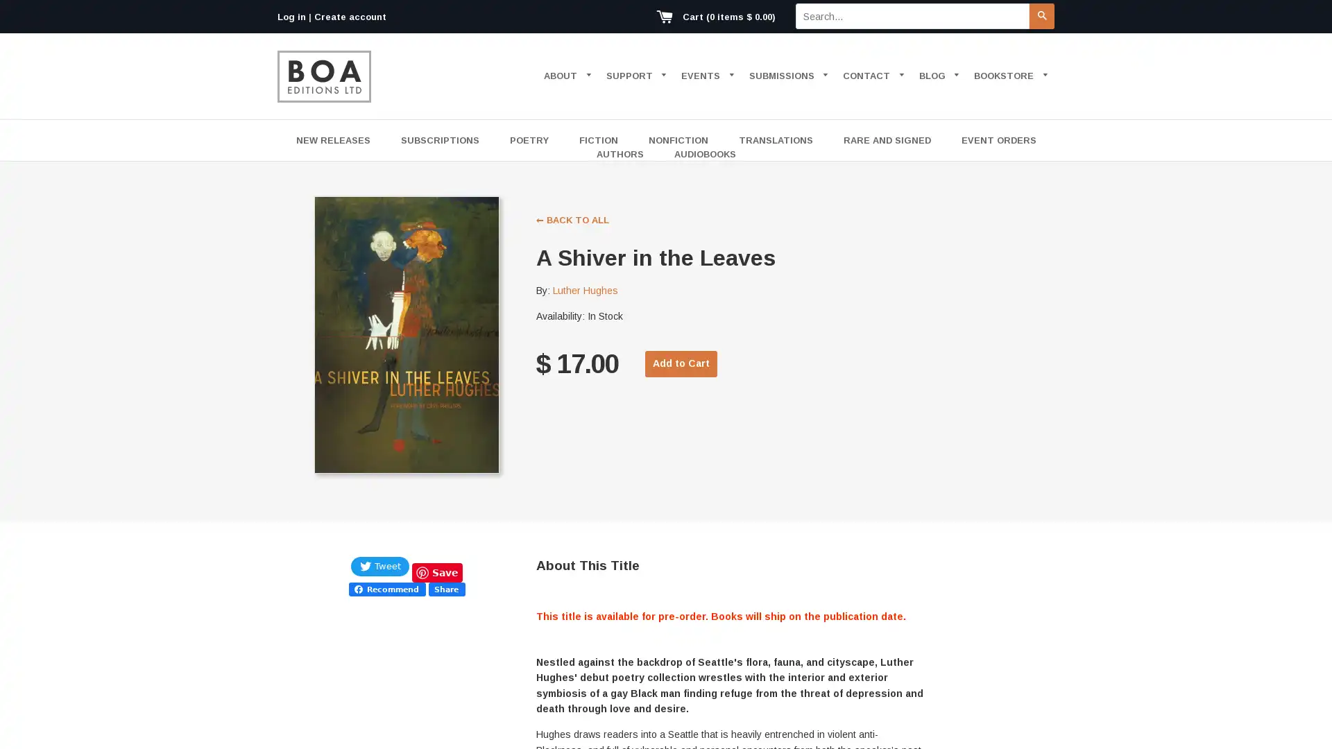 Image resolution: width=1332 pixels, height=749 pixels. What do you see at coordinates (689, 363) in the screenshot?
I see `Pre-order Now` at bounding box center [689, 363].